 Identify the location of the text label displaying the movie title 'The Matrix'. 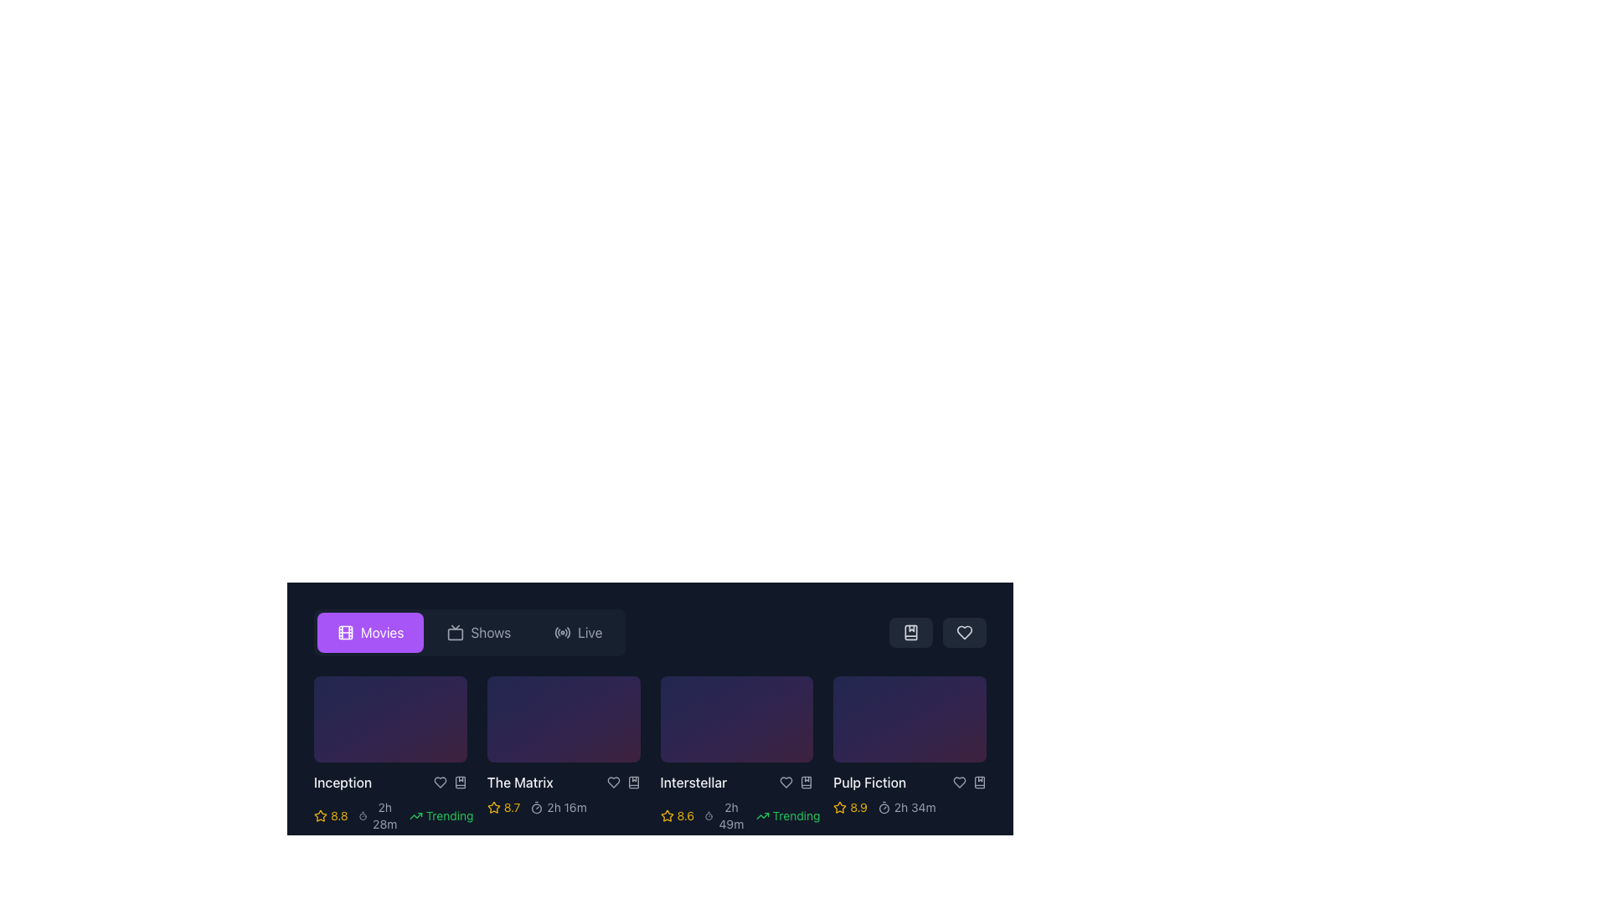
(518, 781).